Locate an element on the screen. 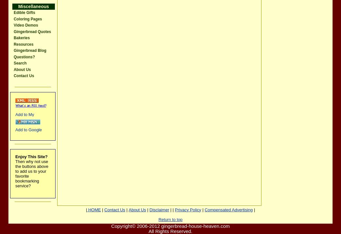 The height and width of the screenshot is (234, 341). 'Search' is located at coordinates (19, 63).